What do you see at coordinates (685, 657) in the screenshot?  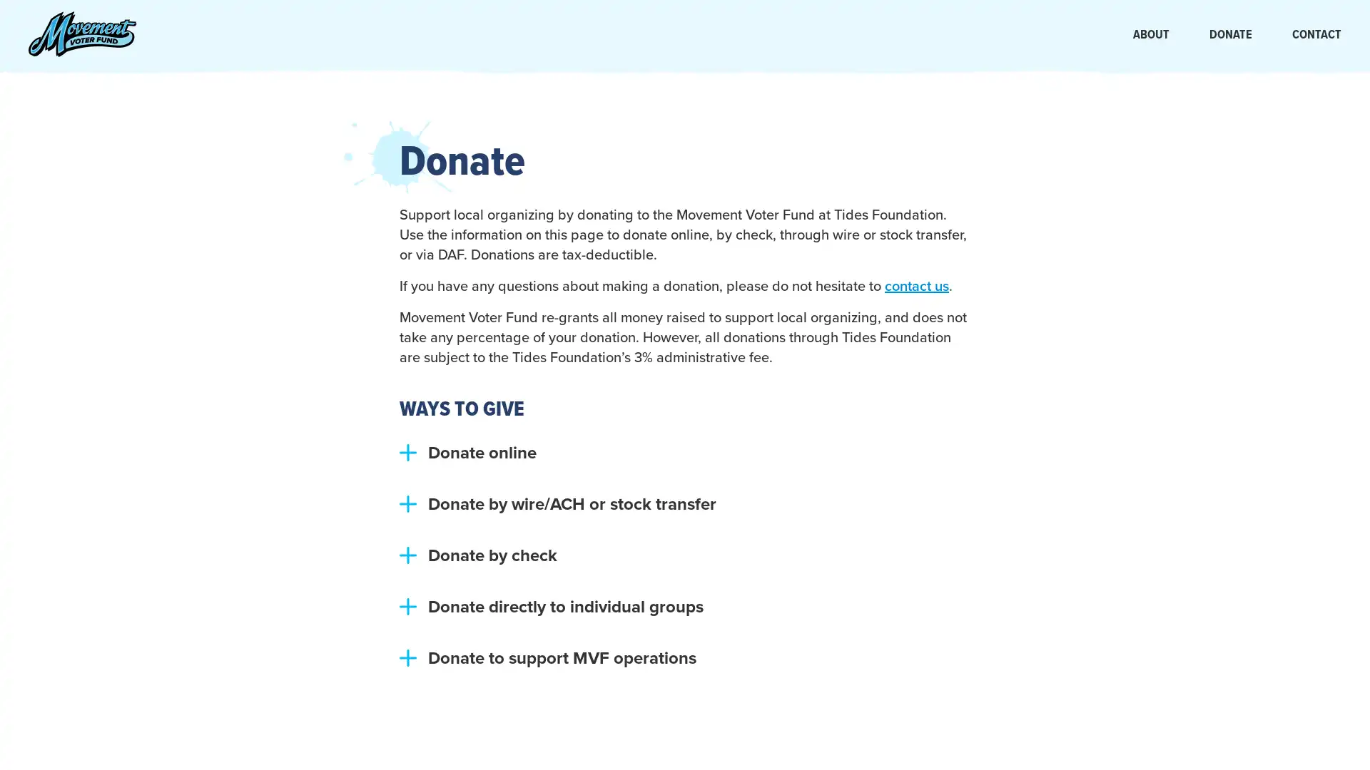 I see `plus Donate to support MVF operations` at bounding box center [685, 657].